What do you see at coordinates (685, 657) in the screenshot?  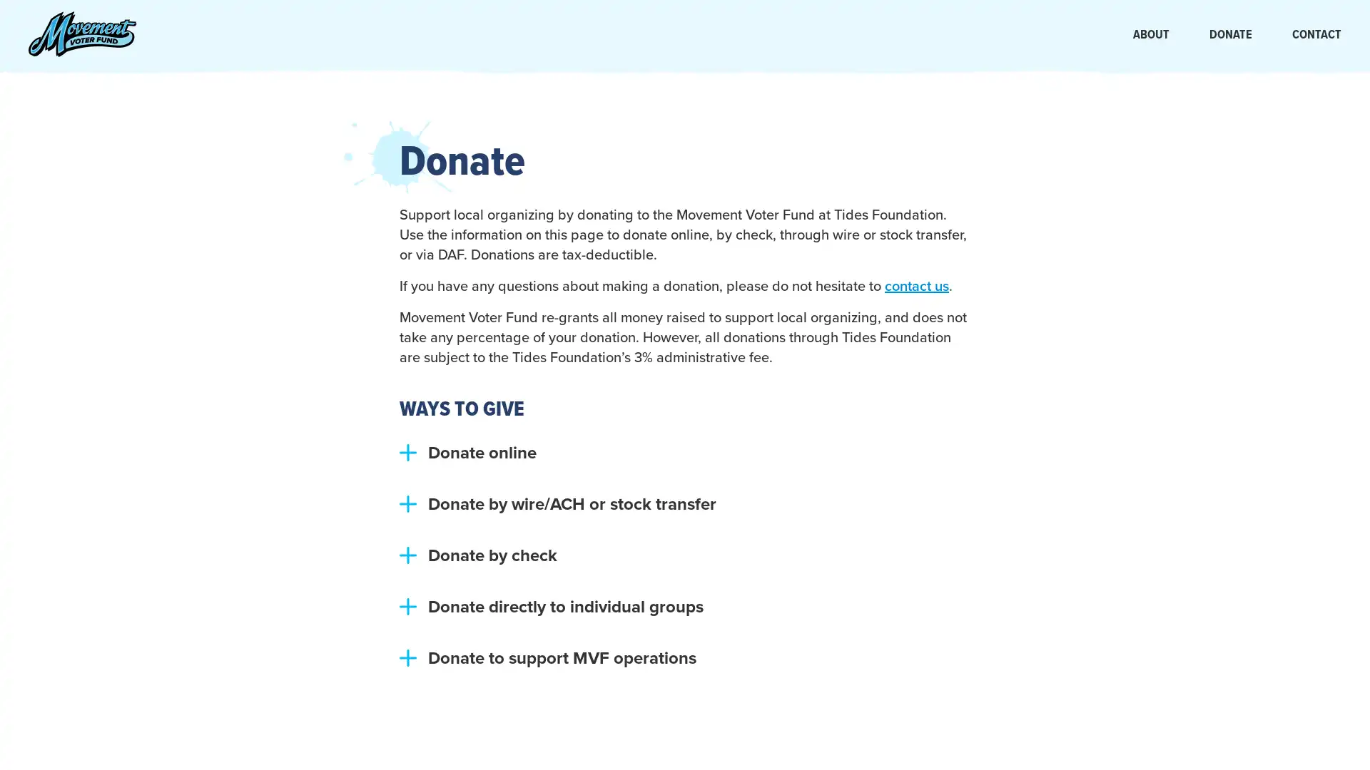 I see `plus Donate to support MVF operations` at bounding box center [685, 657].